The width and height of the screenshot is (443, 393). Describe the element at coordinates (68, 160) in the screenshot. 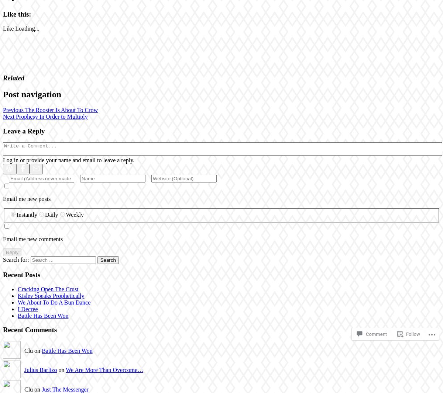

I see `'Log in or provide your name and email to leave a reply.'` at that location.